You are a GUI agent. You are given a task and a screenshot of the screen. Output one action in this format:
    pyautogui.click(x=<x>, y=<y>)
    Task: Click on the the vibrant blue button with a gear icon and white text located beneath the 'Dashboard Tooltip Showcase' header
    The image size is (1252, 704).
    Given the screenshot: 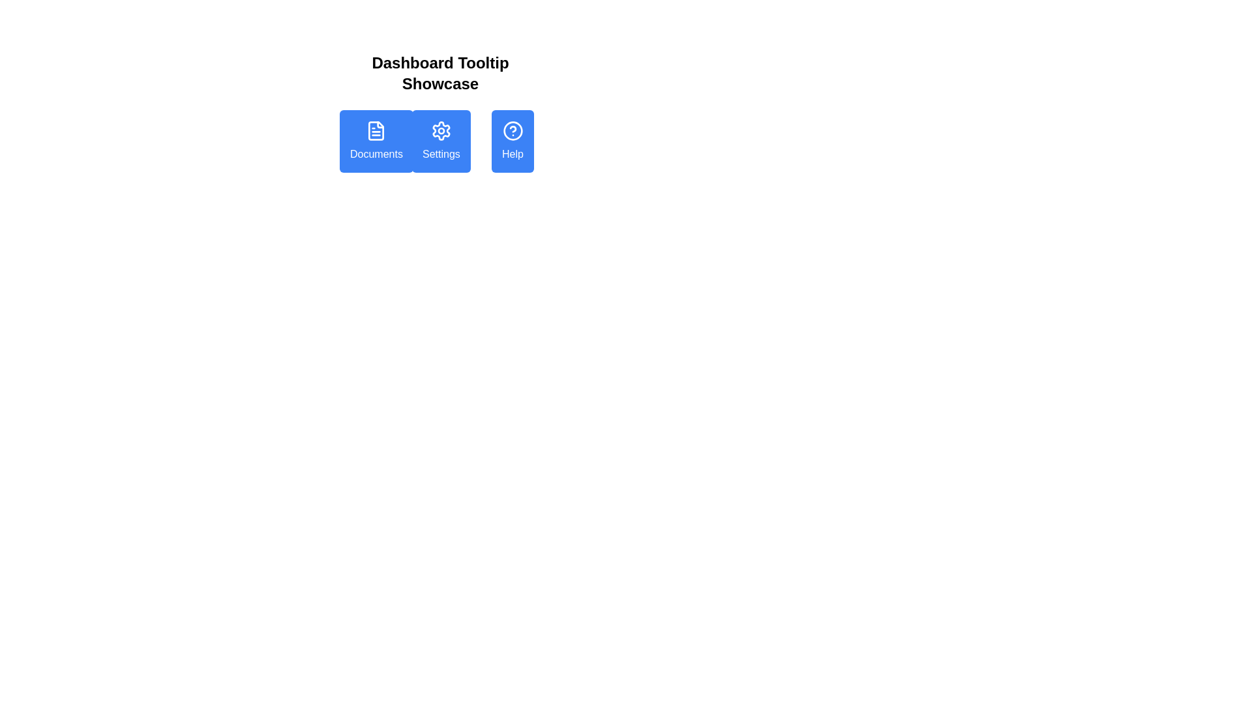 What is the action you would take?
    pyautogui.click(x=440, y=112)
    